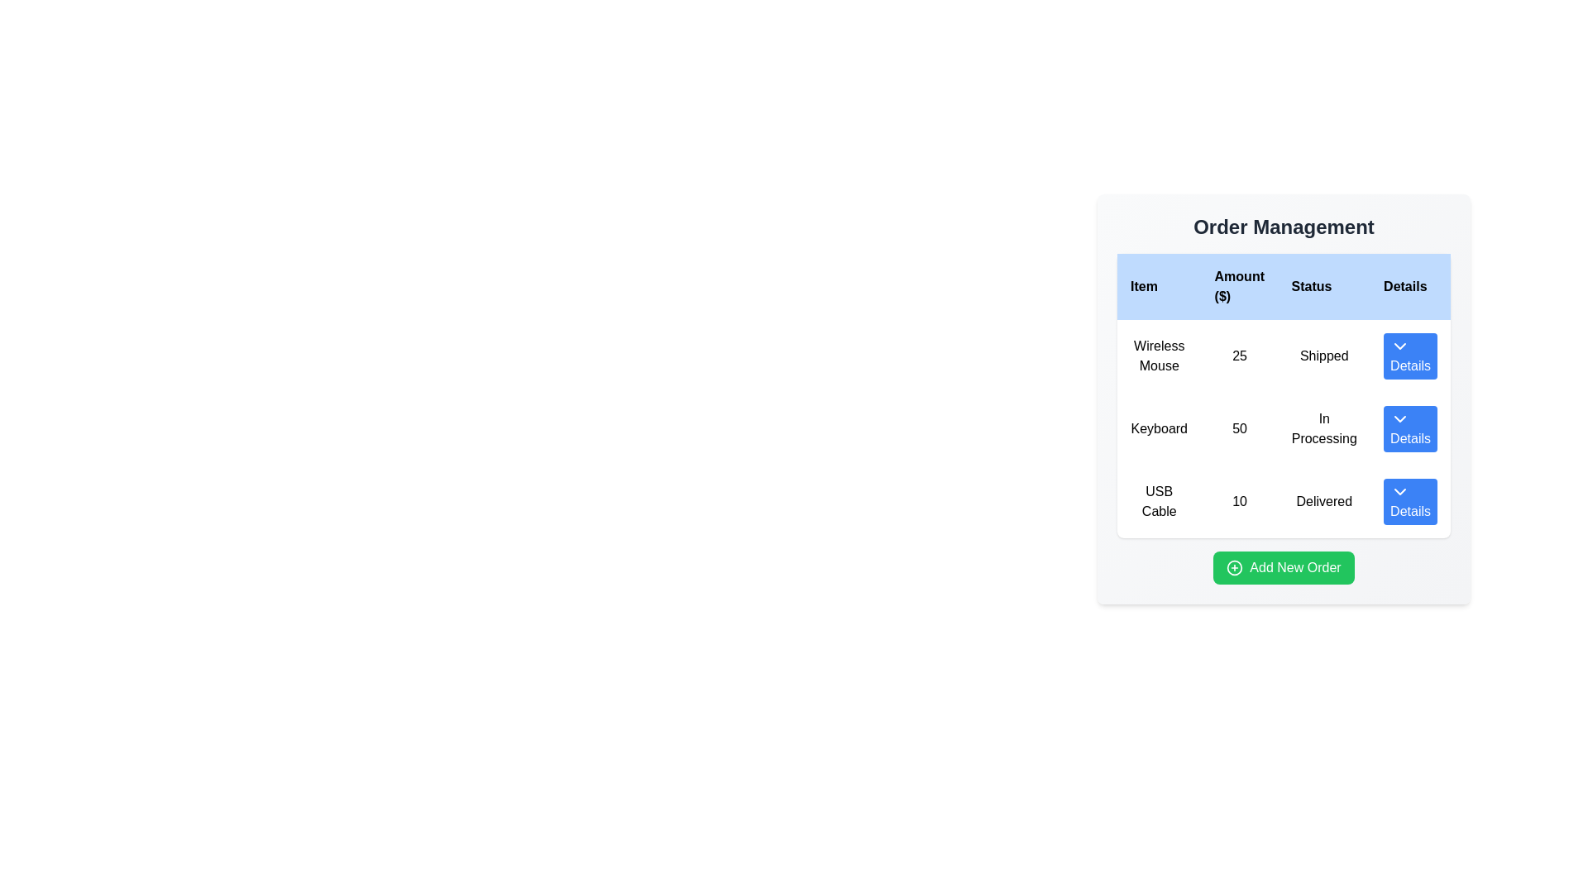  I want to click on the green rectangular button labeled 'Add New Order' located at the bottom center of the 'Order Management' section, so click(1283, 566).